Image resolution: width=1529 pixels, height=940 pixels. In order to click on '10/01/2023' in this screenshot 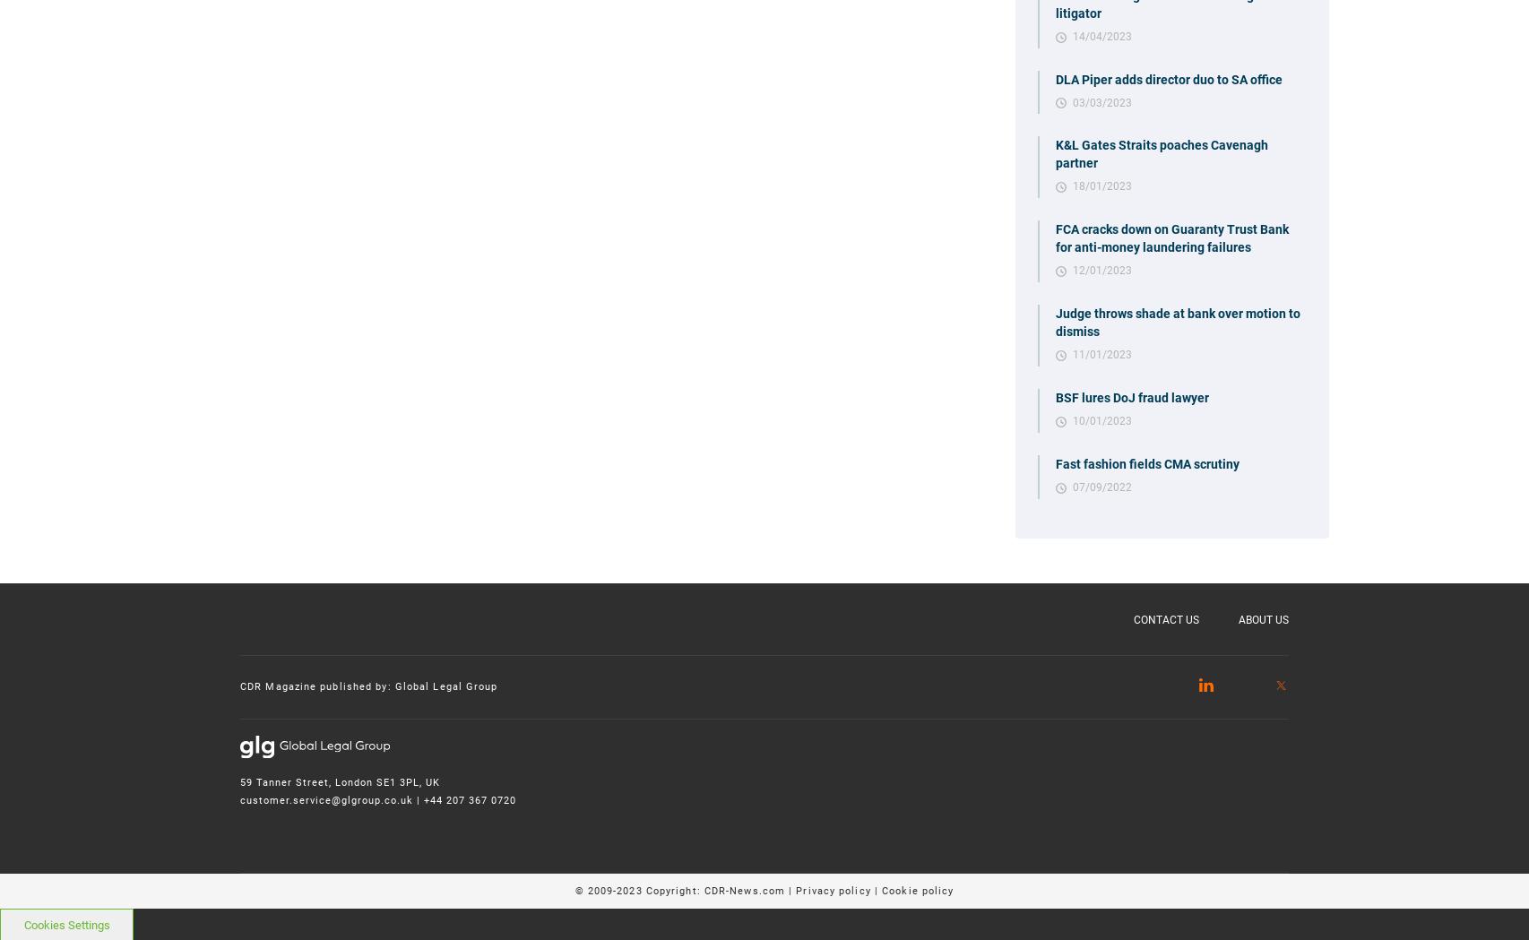, I will do `click(1101, 420)`.